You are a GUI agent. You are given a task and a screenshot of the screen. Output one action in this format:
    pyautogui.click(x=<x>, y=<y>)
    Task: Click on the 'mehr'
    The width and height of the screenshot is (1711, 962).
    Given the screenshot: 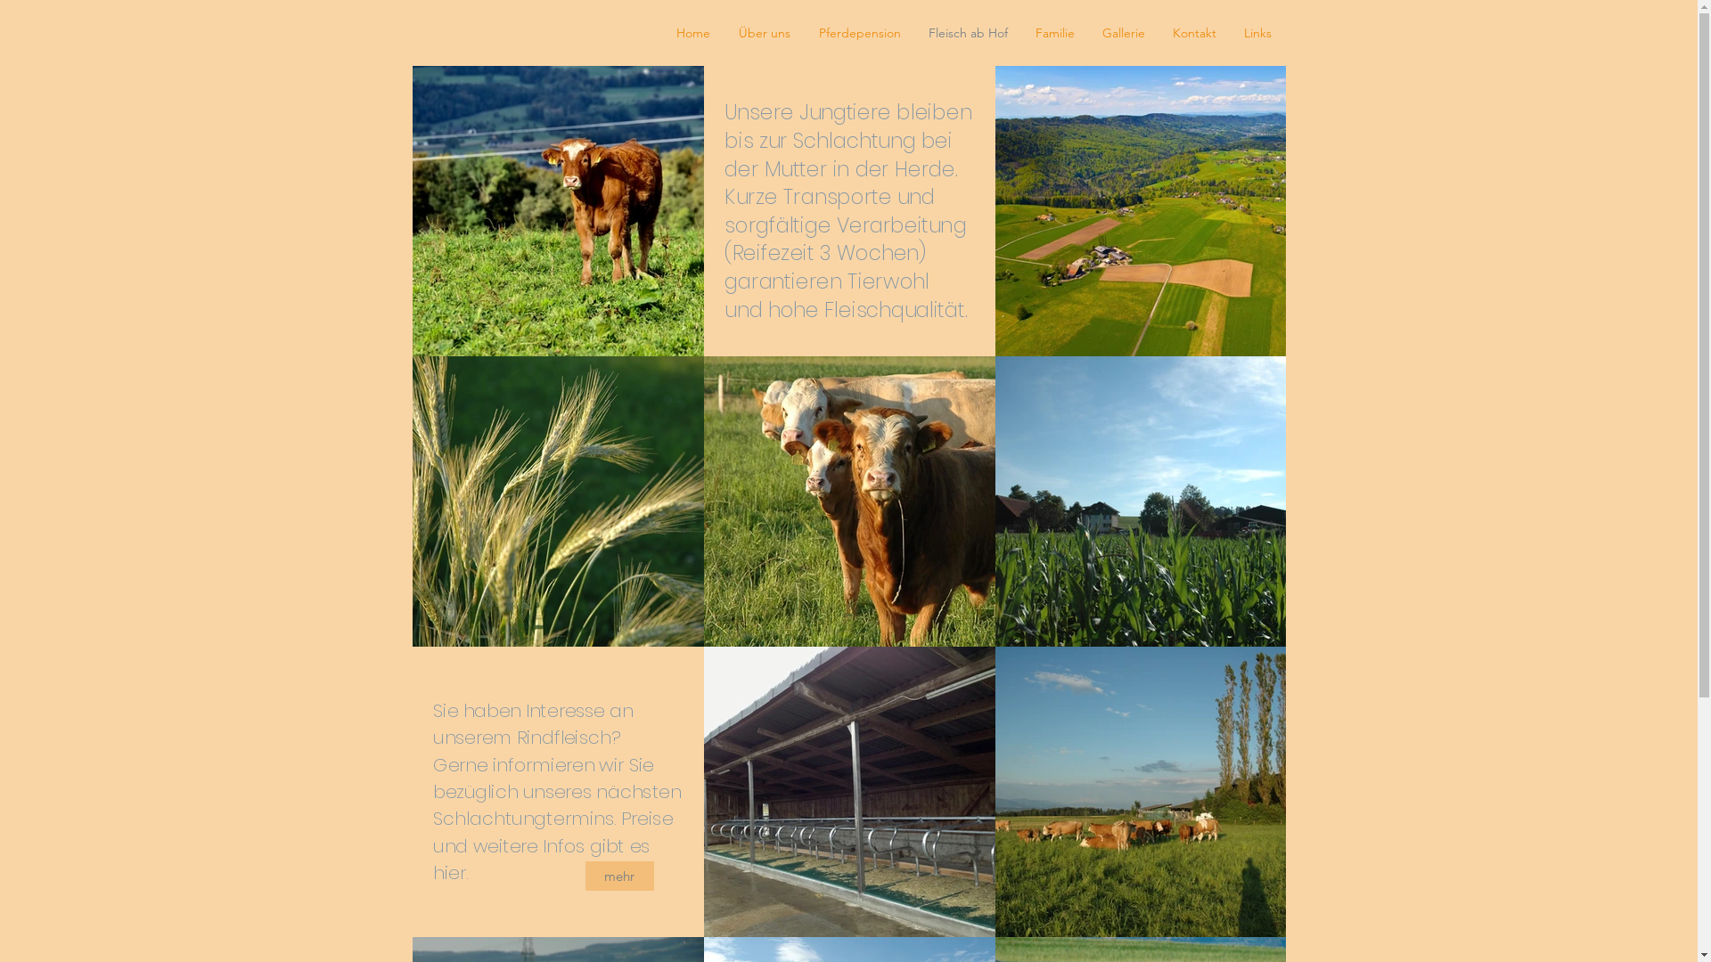 What is the action you would take?
    pyautogui.click(x=618, y=875)
    